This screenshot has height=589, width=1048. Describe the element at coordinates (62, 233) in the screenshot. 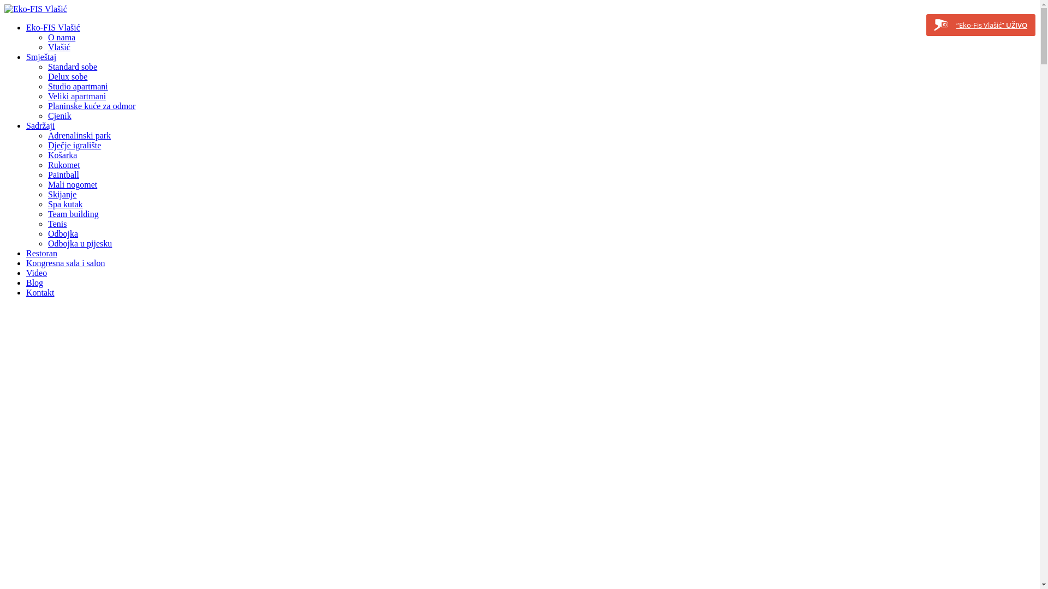

I see `'Odbojka'` at that location.